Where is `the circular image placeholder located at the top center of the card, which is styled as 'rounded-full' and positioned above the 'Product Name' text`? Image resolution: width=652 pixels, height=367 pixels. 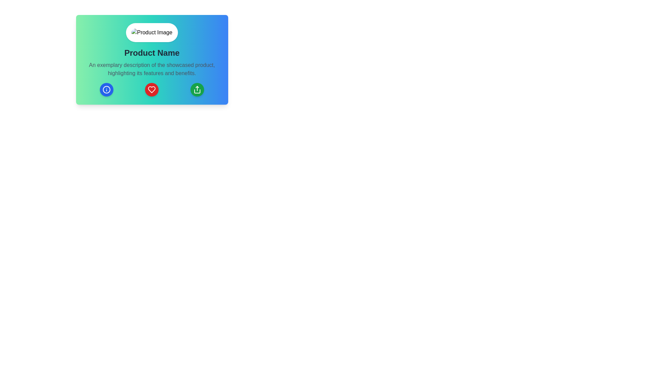 the circular image placeholder located at the top center of the card, which is styled as 'rounded-full' and positioned above the 'Product Name' text is located at coordinates (151, 33).